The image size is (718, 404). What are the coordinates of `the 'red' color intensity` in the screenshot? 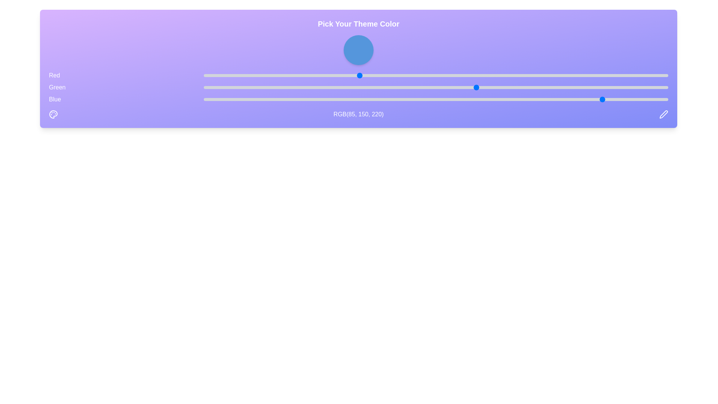 It's located at (227, 75).